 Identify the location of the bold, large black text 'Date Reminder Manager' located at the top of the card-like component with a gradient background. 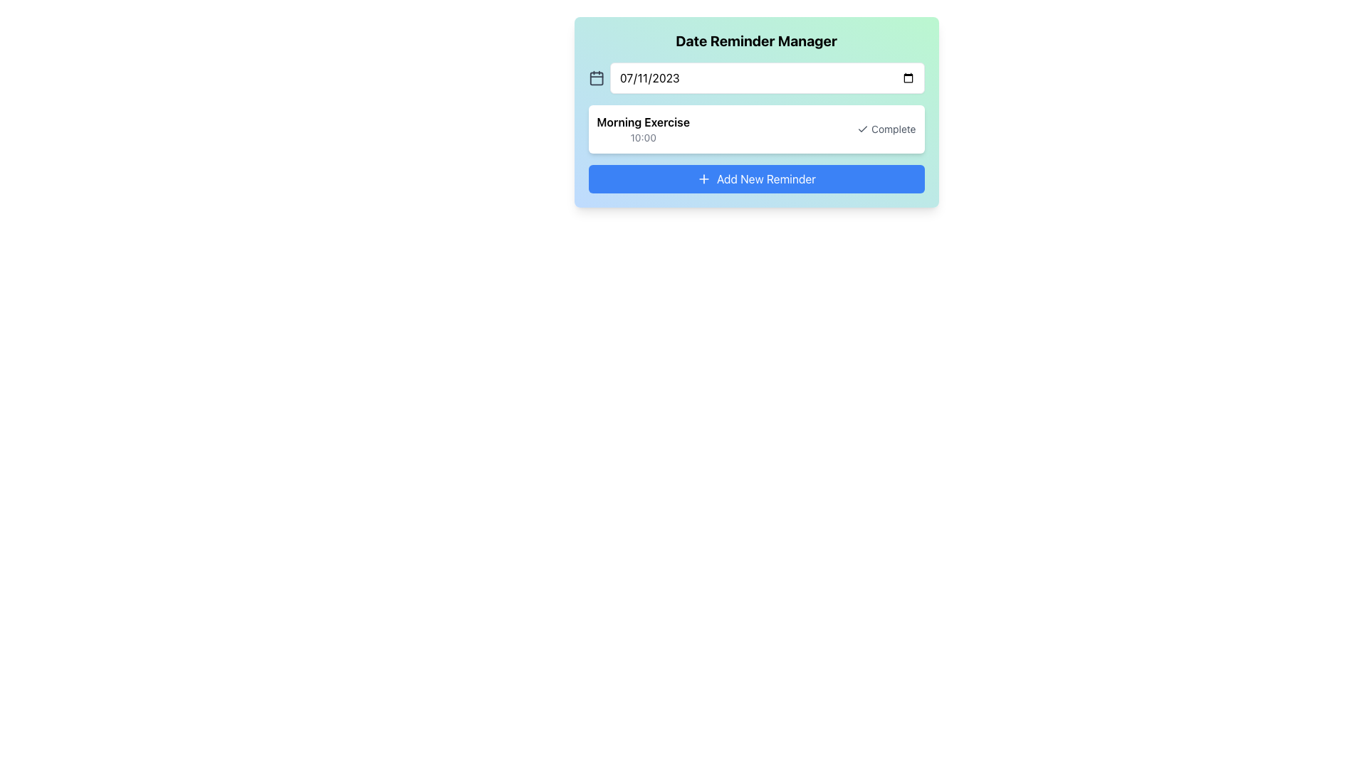
(755, 40).